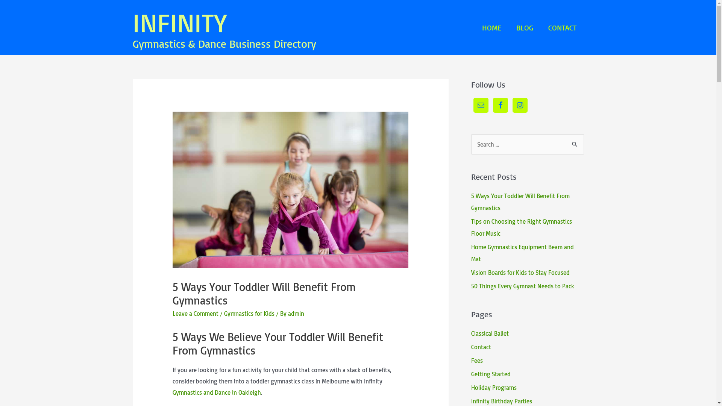 The height and width of the screenshot is (406, 722). Describe the element at coordinates (470, 374) in the screenshot. I see `'Getting Started'` at that location.